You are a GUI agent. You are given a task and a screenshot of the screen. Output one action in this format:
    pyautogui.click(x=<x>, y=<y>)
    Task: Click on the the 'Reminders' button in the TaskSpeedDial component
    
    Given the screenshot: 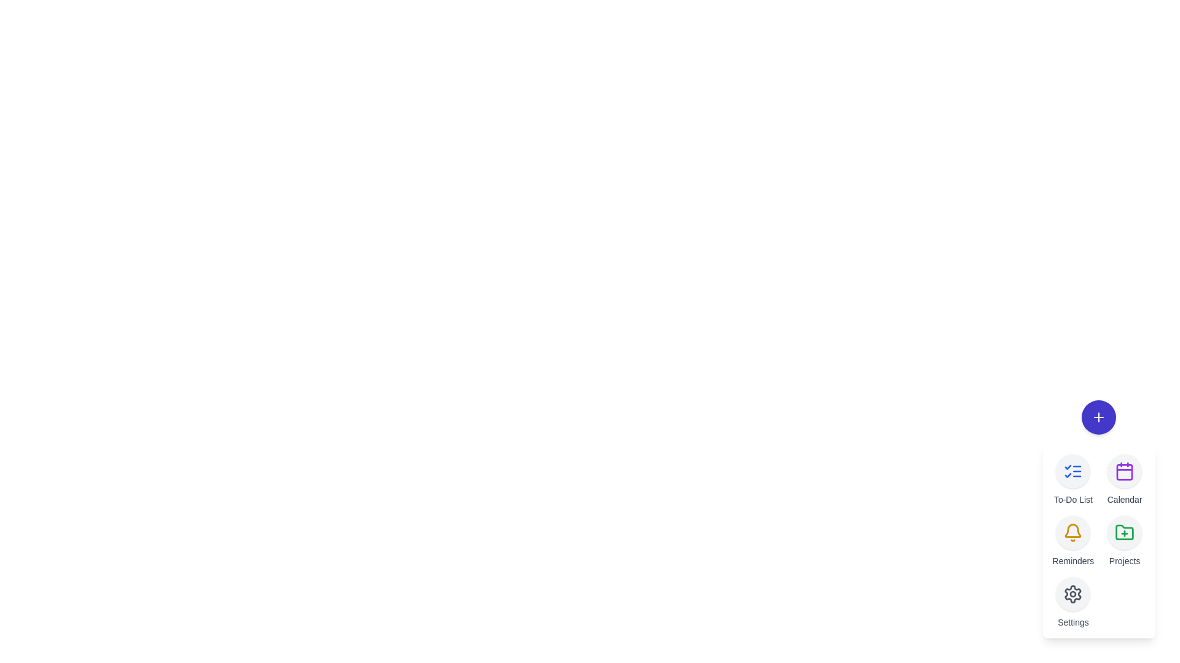 What is the action you would take?
    pyautogui.click(x=1072, y=532)
    